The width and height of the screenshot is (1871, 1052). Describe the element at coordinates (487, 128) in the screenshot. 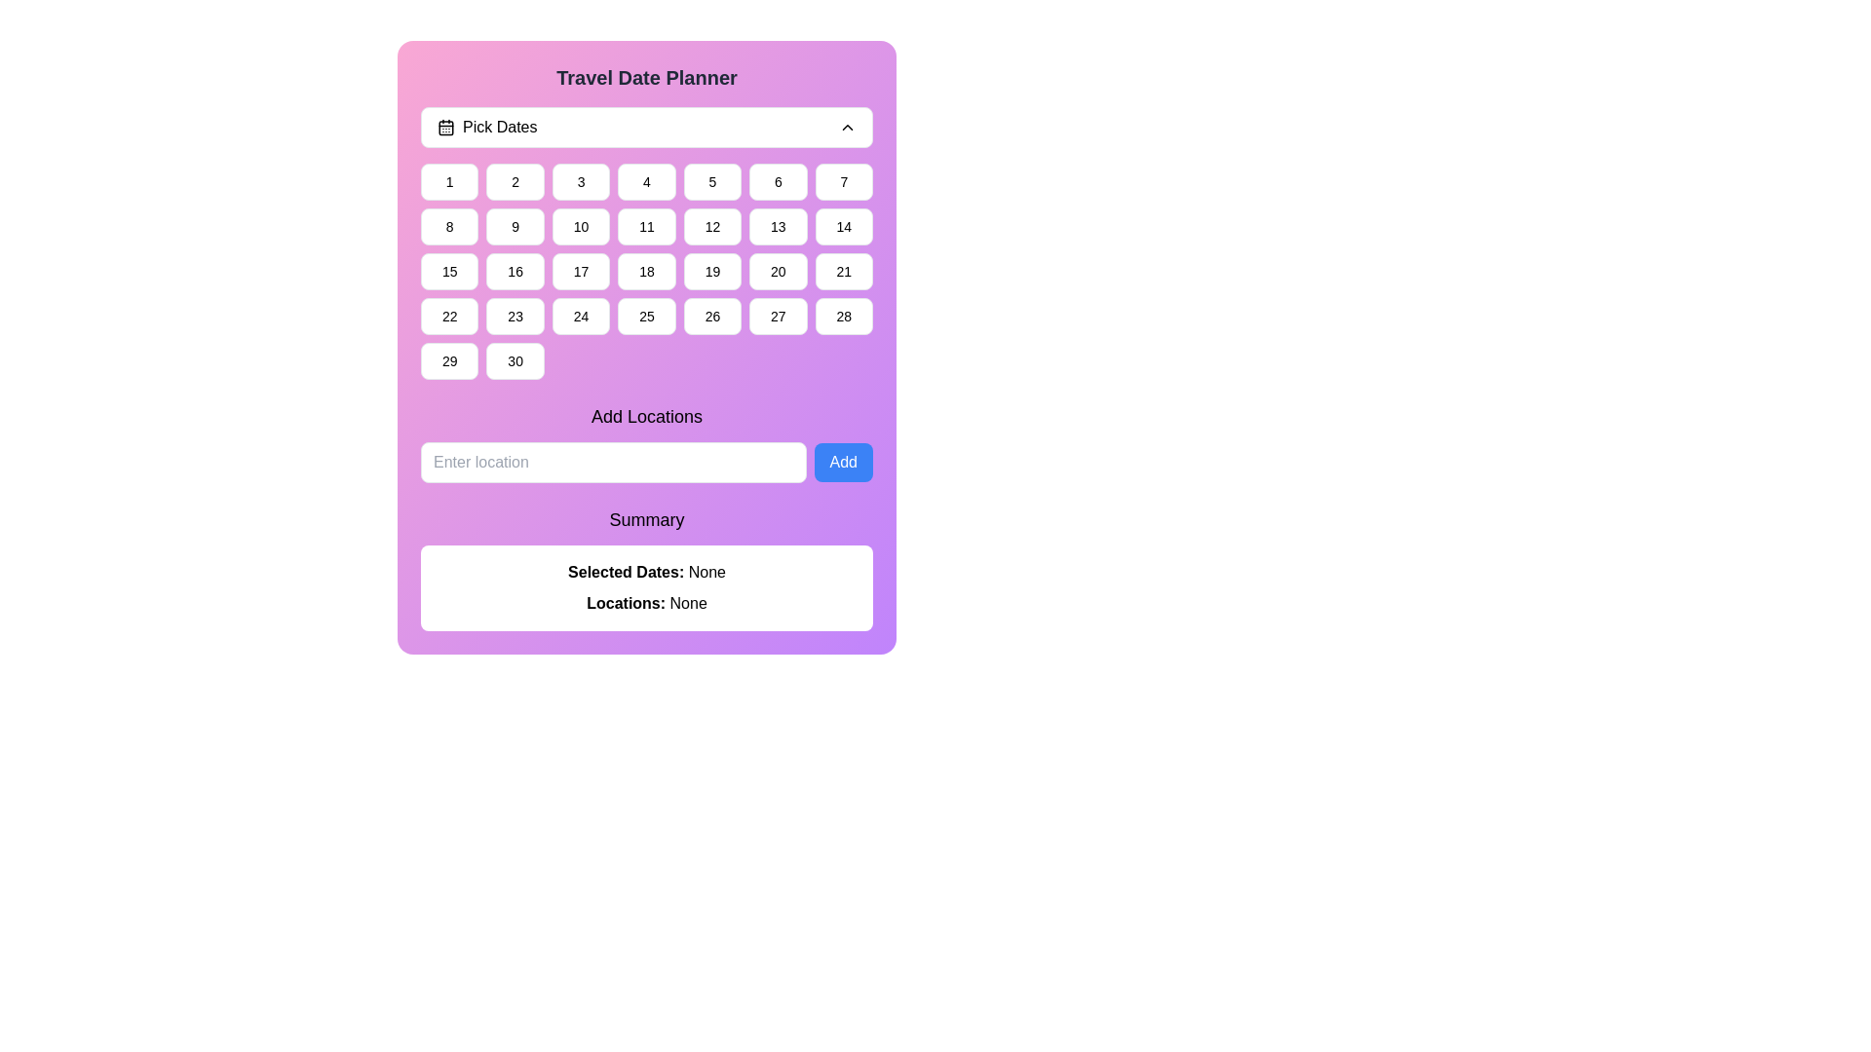

I see `the label with an icon for date selection in the 'Travel Date Planner' card` at that location.